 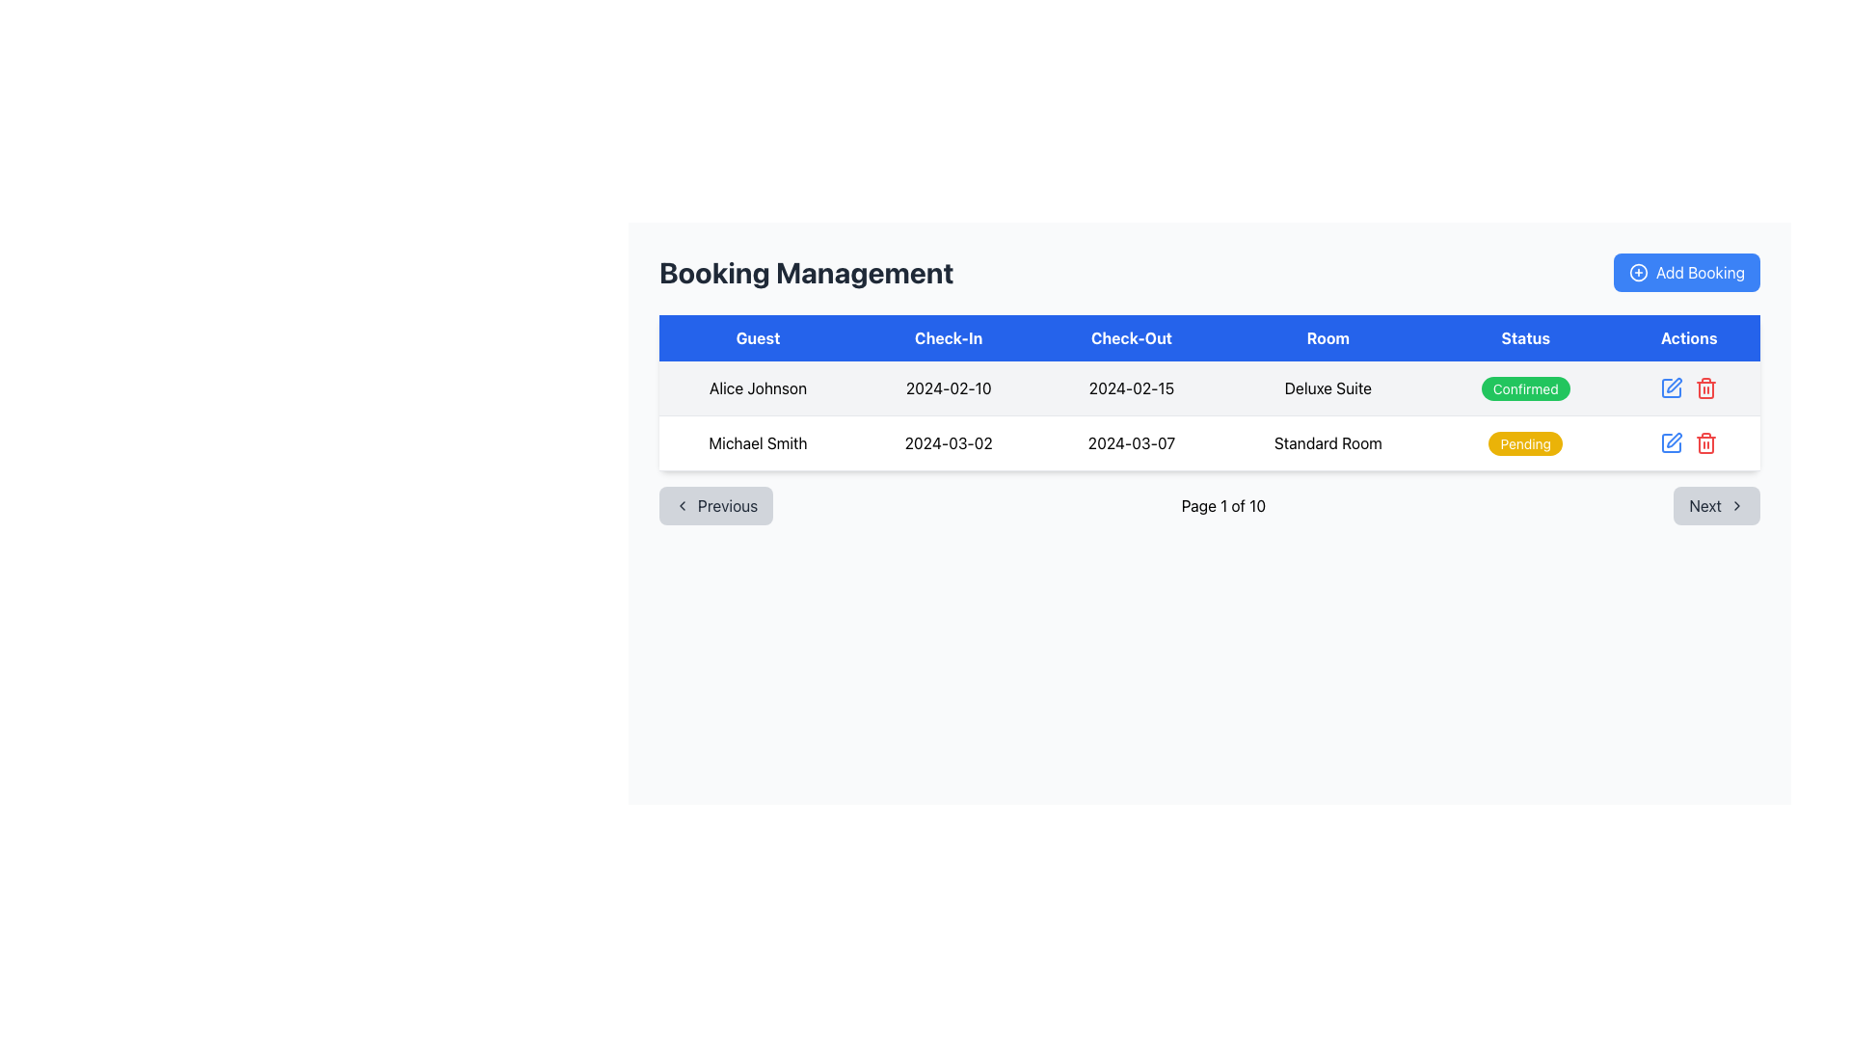 I want to click on the static text display showing 'Standard Room' for the booking associated with 'Michael Smith', located in the second row under the 'Room' column, so click(x=1327, y=442).